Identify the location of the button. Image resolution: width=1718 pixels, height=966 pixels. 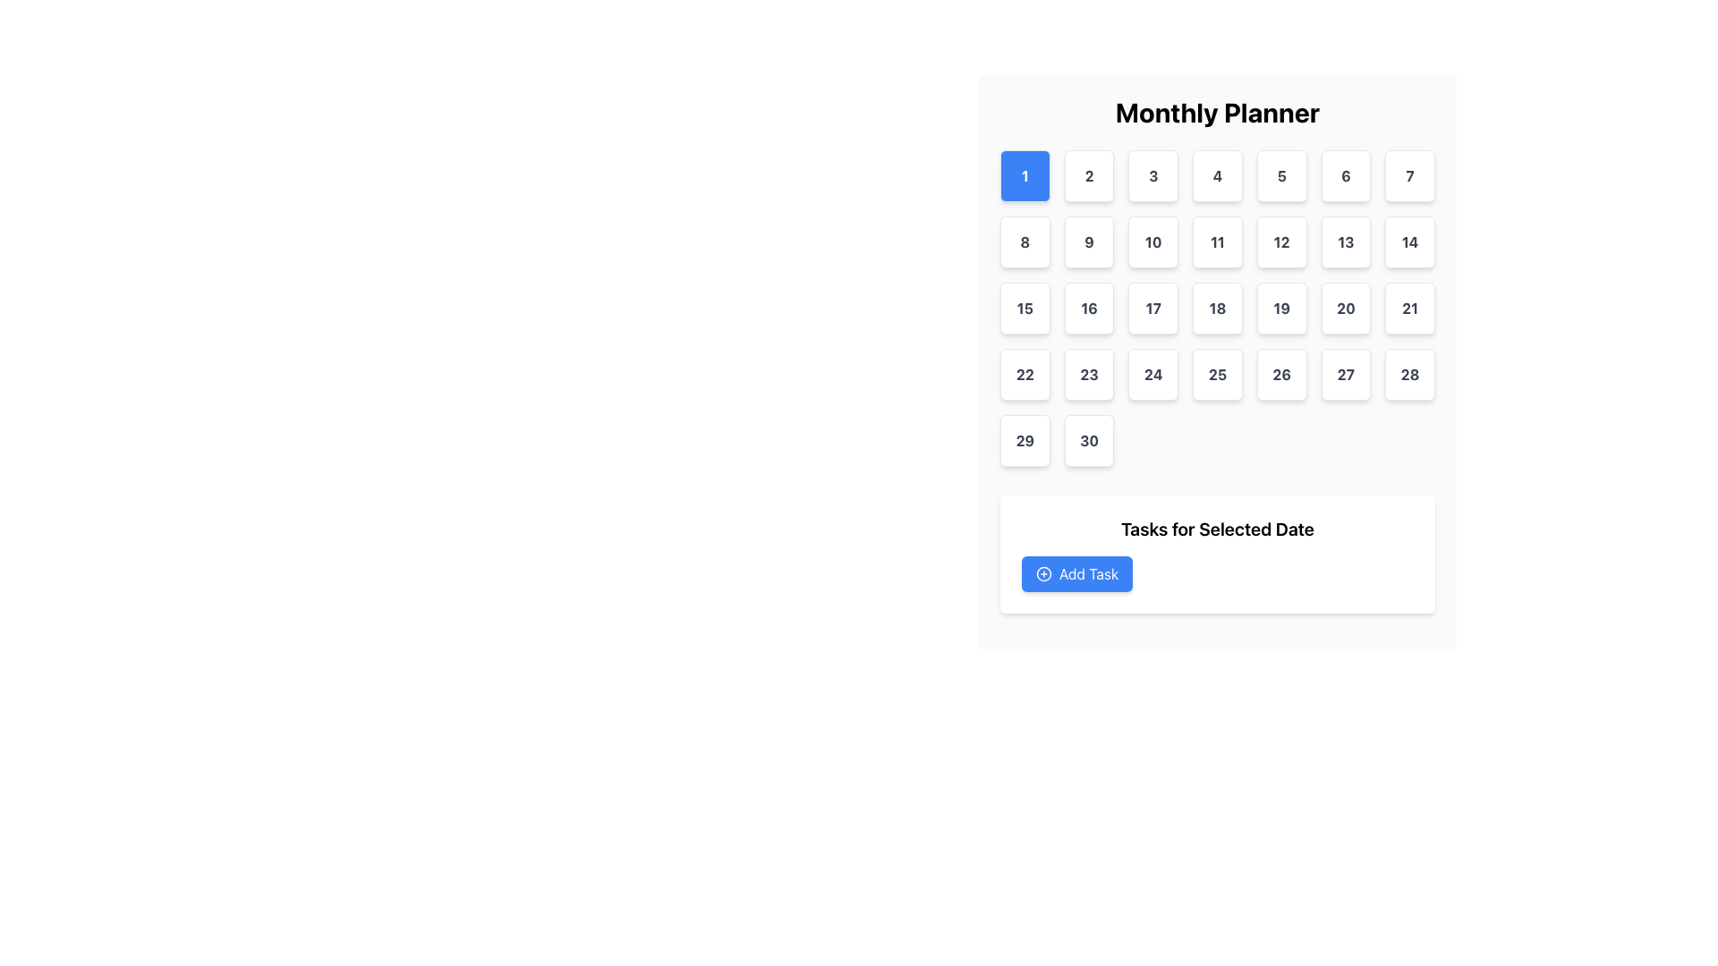
(1088, 175).